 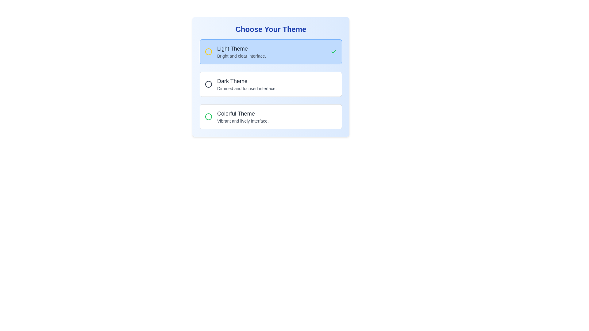 What do you see at coordinates (209, 84) in the screenshot?
I see `the circular icon representing the 'Dark Theme' option in the 'Choose Your Theme' section, which is visually characterized by a stroke and a colored fill` at bounding box center [209, 84].